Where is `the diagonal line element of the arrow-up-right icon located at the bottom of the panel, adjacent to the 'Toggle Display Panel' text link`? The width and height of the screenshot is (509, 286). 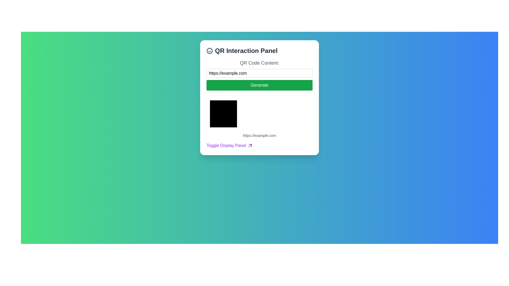
the diagonal line element of the arrow-up-right icon located at the bottom of the panel, adjacent to the 'Toggle Display Panel' text link is located at coordinates (250, 146).